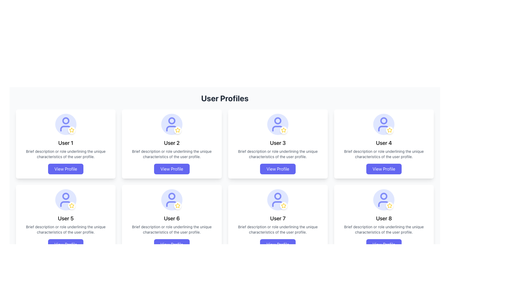  What do you see at coordinates (283, 130) in the screenshot?
I see `the Status badge indicating the special attribute of the user represented by 'User 3', located in the circular user icon at the bottom-right edge of the icon` at bounding box center [283, 130].